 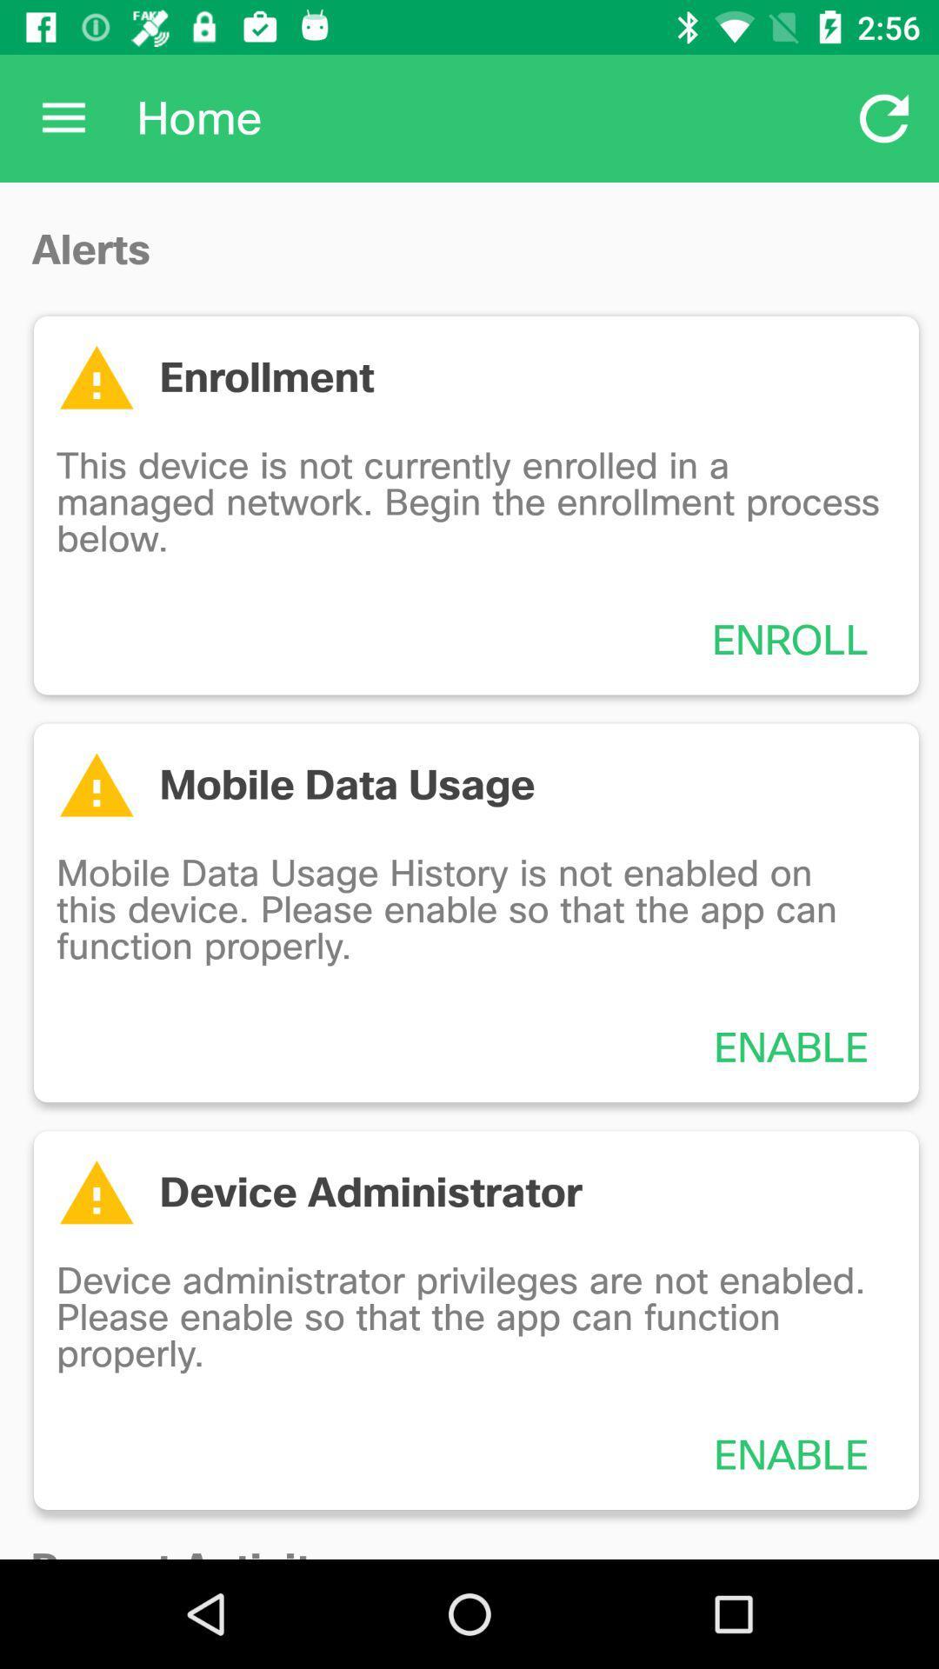 What do you see at coordinates (884, 117) in the screenshot?
I see `item to the right of the home item` at bounding box center [884, 117].